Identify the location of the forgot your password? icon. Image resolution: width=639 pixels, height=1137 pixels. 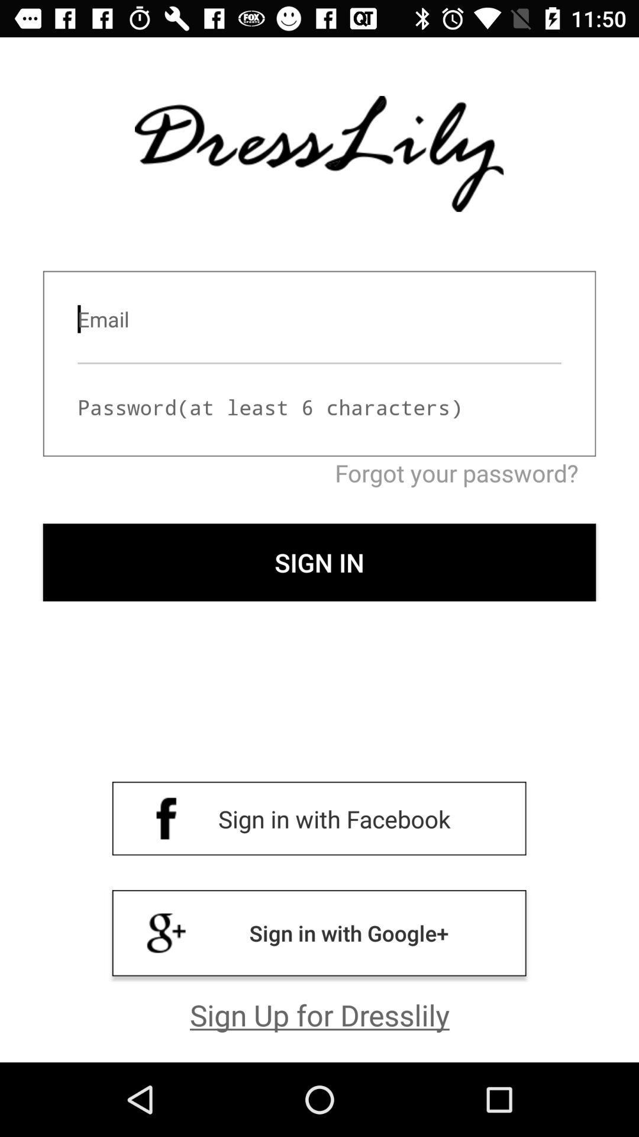
(319, 472).